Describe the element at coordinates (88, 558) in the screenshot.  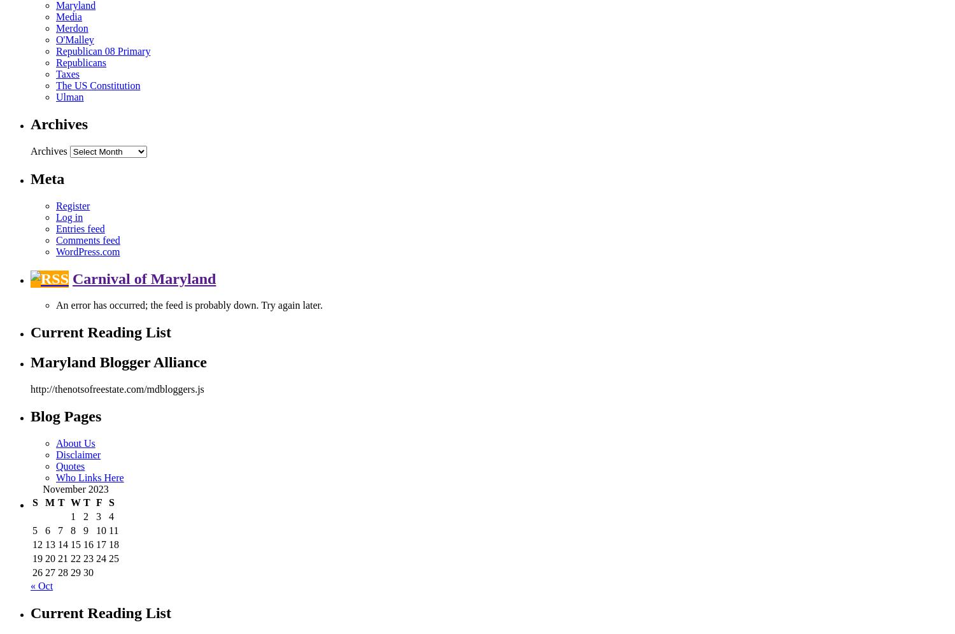
I see `'23'` at that location.